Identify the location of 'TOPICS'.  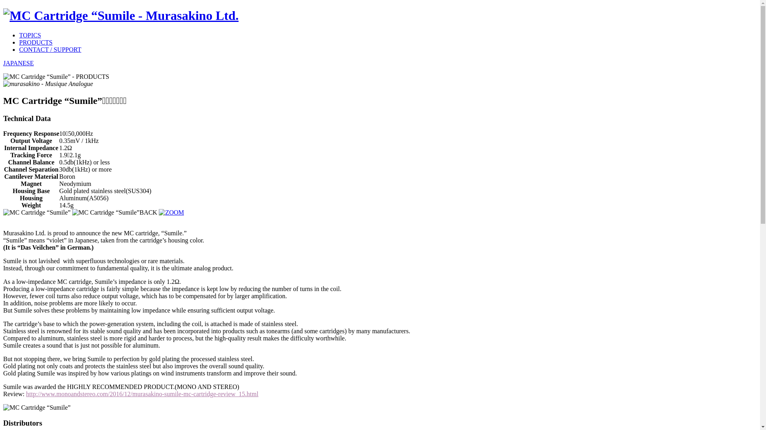
(30, 35).